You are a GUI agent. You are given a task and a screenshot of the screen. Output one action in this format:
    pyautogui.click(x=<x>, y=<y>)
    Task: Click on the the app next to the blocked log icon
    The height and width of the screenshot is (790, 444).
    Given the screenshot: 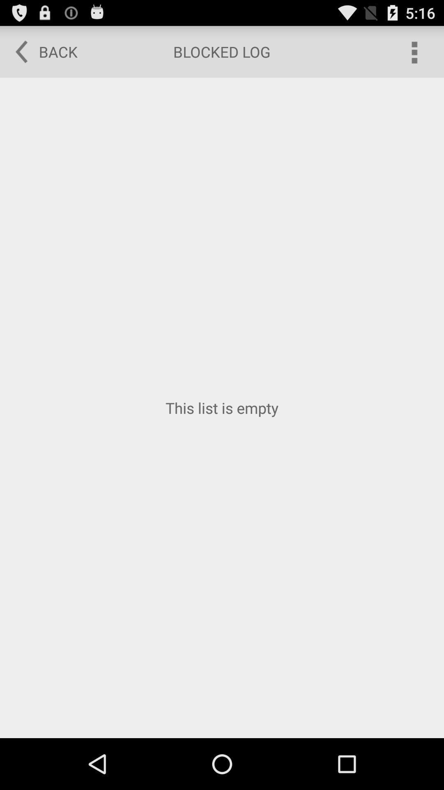 What is the action you would take?
    pyautogui.click(x=41, y=51)
    